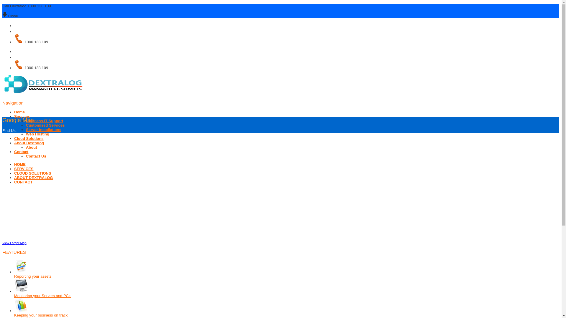  What do you see at coordinates (14, 169) in the screenshot?
I see `'SERVICES'` at bounding box center [14, 169].